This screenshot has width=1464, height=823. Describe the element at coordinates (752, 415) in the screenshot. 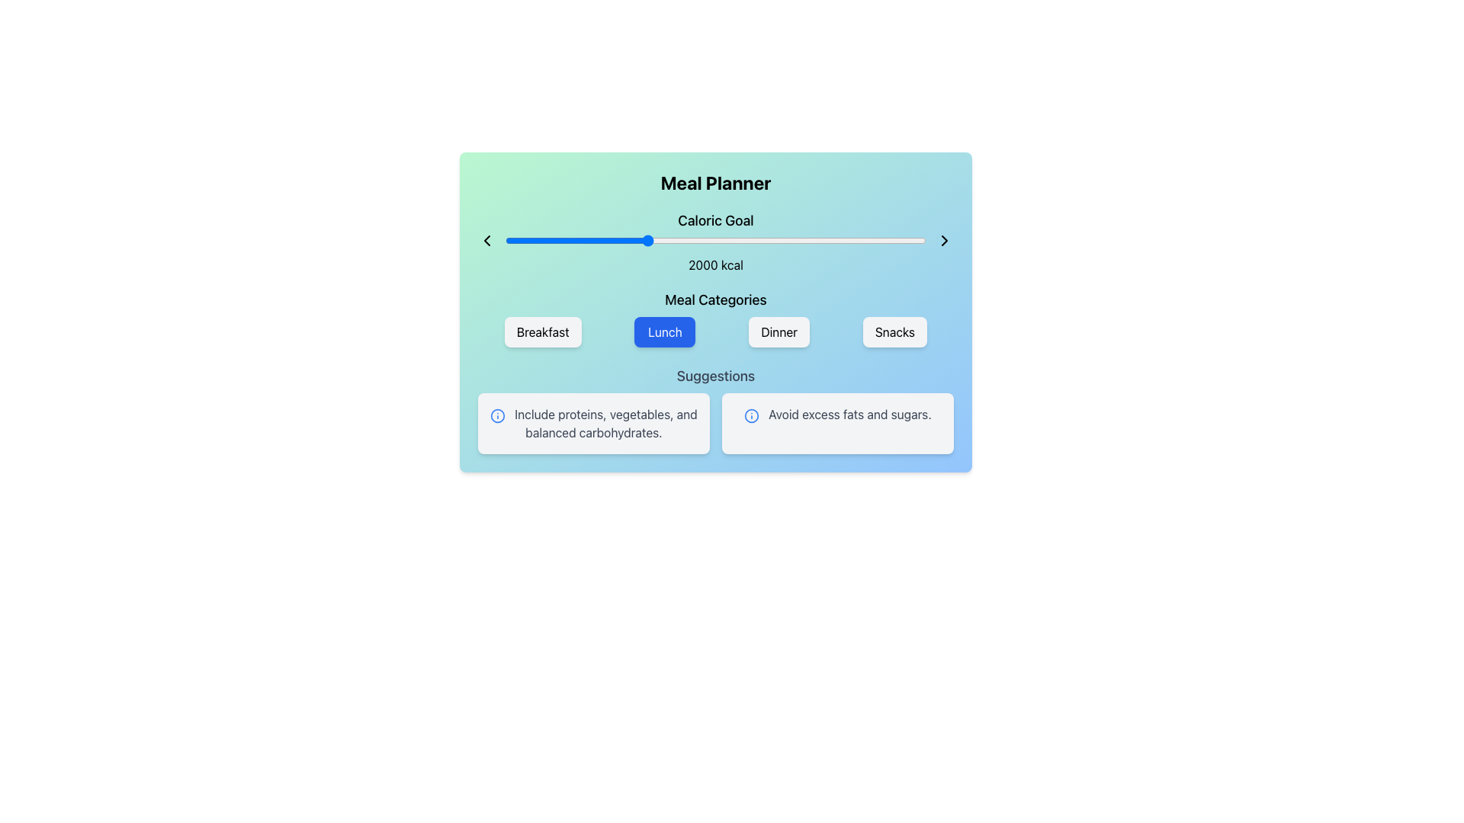

I see `the decorative SVG circle that represents an 'information' sign in the 'Suggestions' section, located immediately left of the text 'Include proteins, vegetables, and balanced carbohydrates.'` at that location.